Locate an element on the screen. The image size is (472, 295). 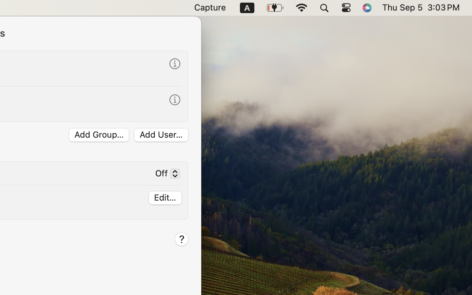
'Off' is located at coordinates (164, 174).